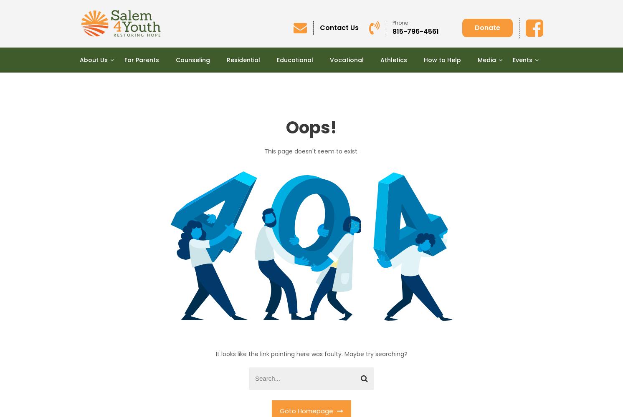  What do you see at coordinates (192, 60) in the screenshot?
I see `'Counseling'` at bounding box center [192, 60].